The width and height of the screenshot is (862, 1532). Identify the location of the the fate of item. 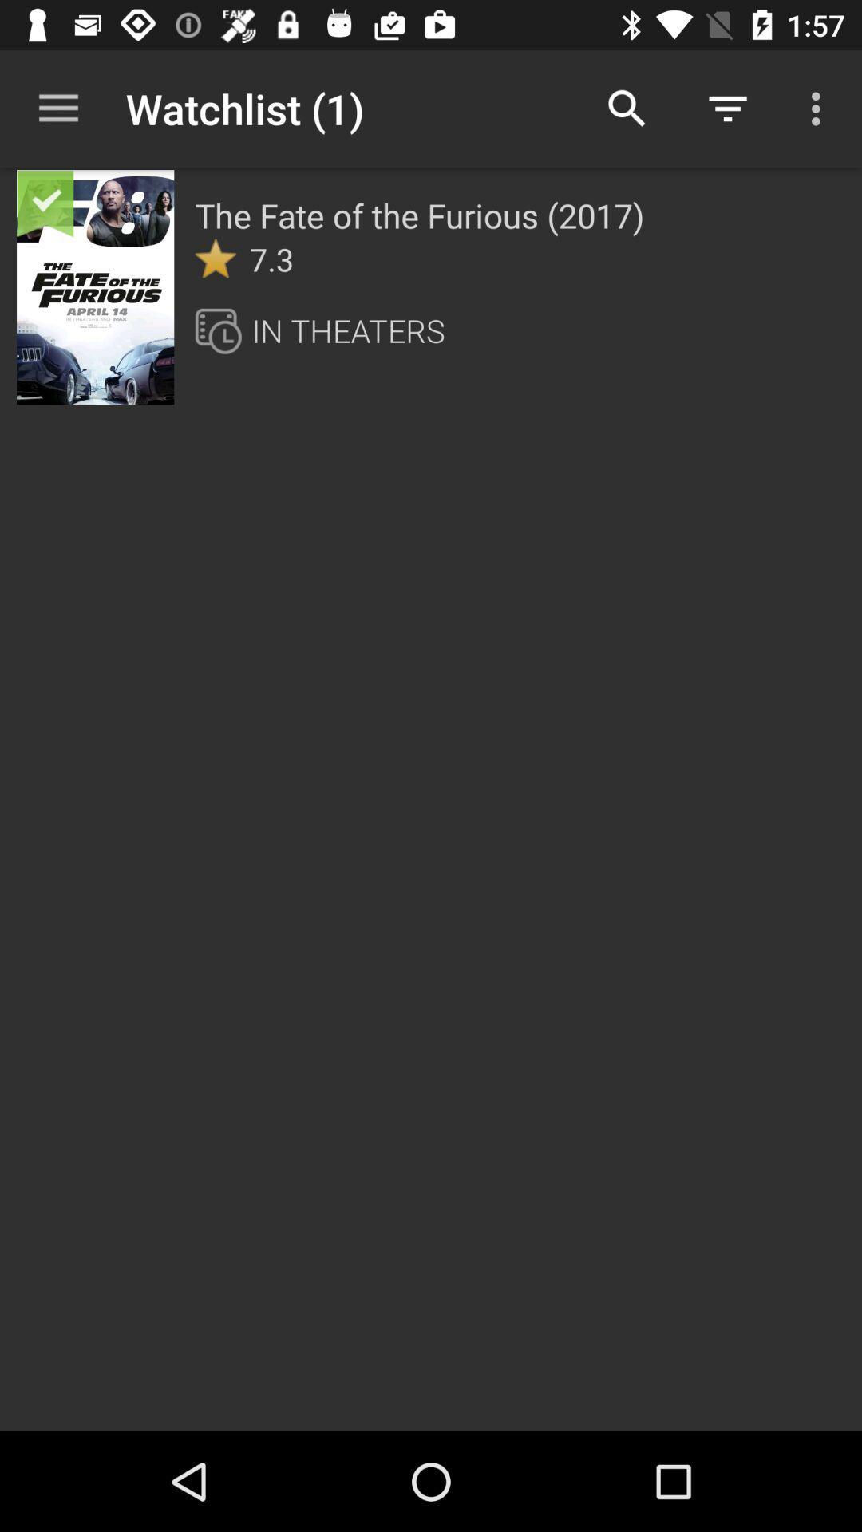
(418, 214).